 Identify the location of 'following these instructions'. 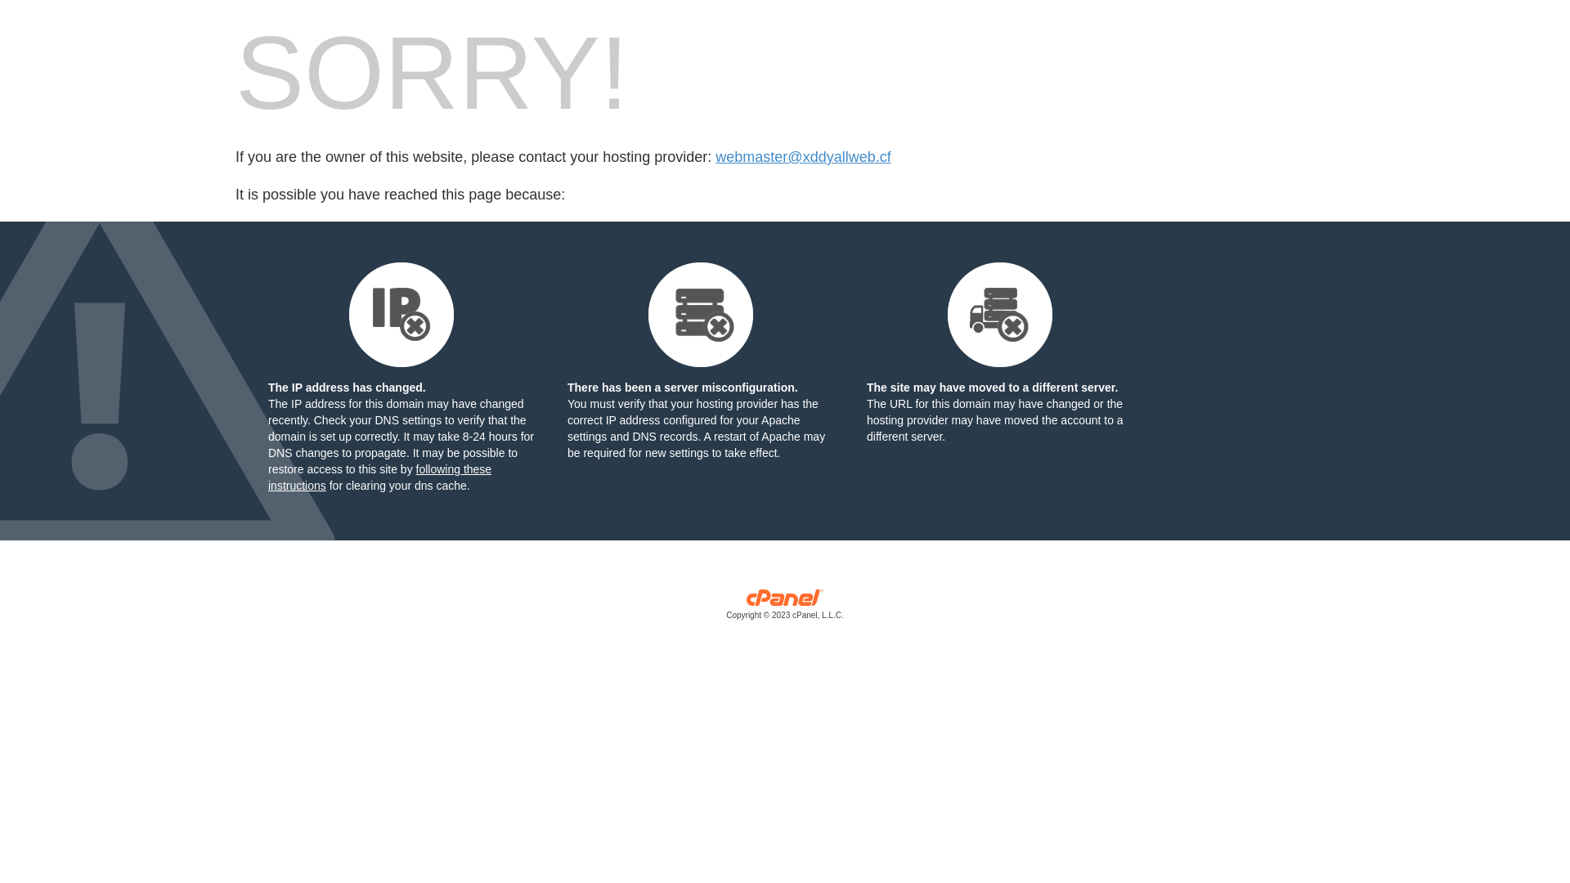
(379, 477).